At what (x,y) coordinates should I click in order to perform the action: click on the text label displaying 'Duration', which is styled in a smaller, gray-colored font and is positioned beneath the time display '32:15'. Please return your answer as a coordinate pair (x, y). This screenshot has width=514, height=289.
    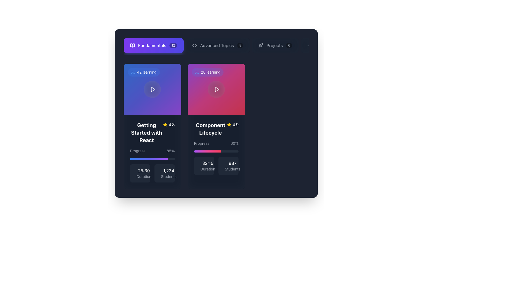
    Looking at the image, I should click on (207, 169).